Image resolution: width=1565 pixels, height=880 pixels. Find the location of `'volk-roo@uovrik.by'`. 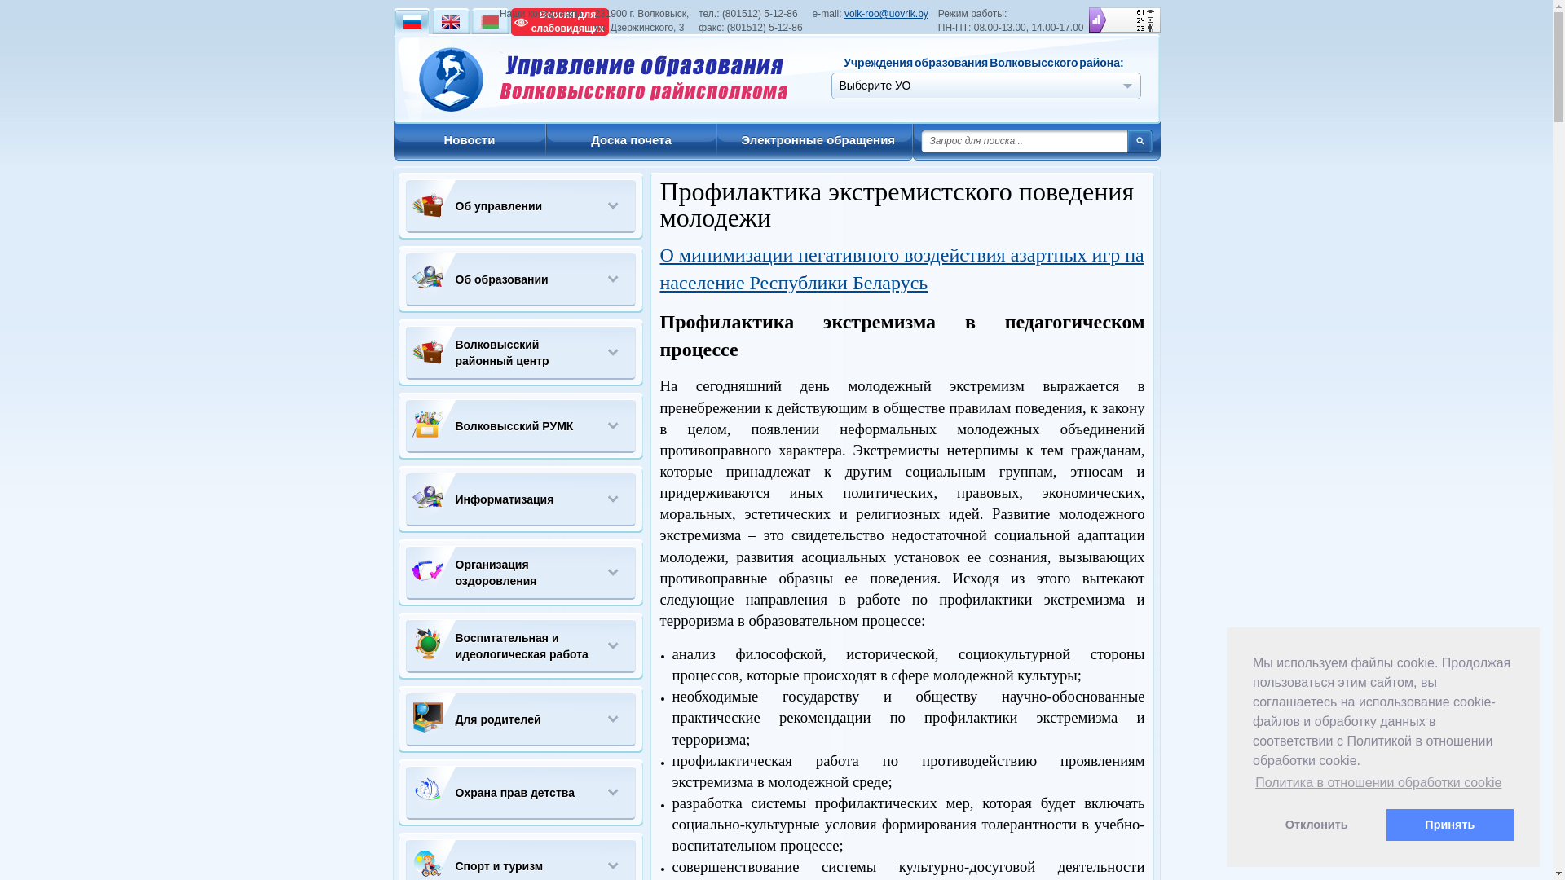

'volk-roo@uovrik.by' is located at coordinates (885, 13).